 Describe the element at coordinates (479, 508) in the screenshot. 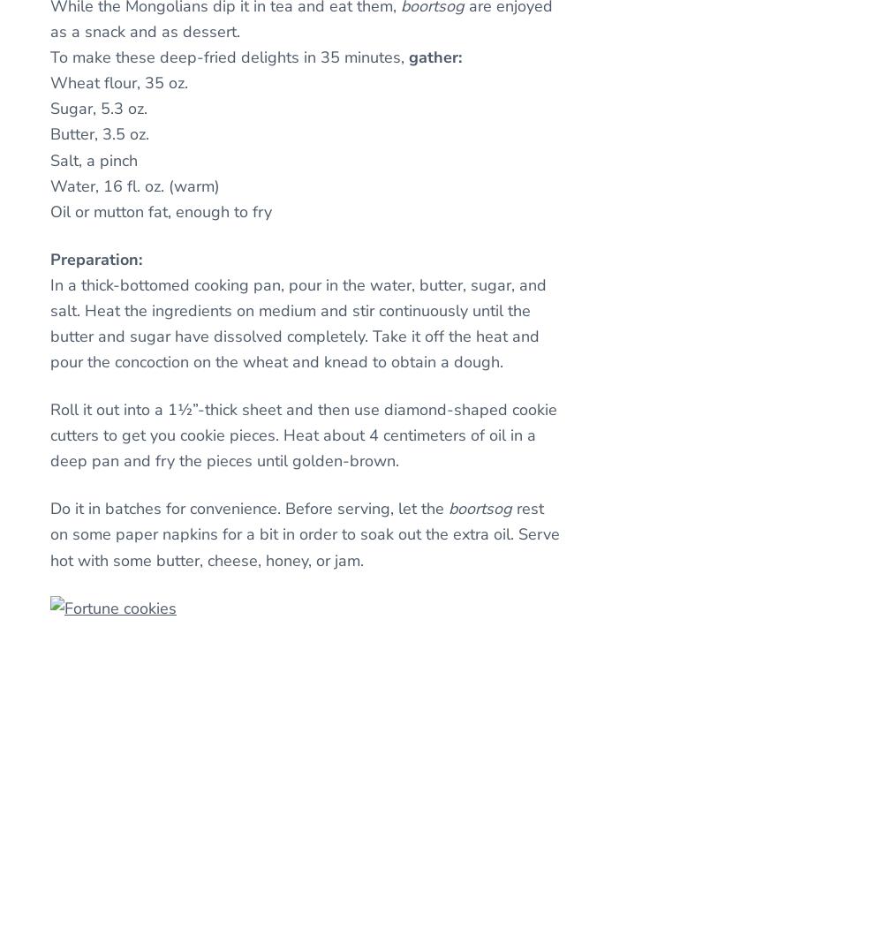

I see `'boortsog'` at that location.